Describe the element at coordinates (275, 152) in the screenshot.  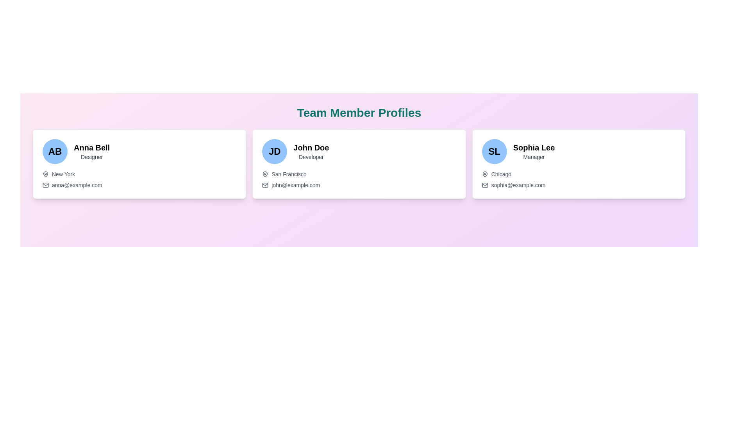
I see `the circular badge with a blue background and the initials 'JD' in bold black text, located at the top-left corner of the profile card for 'John Doe.'` at that location.